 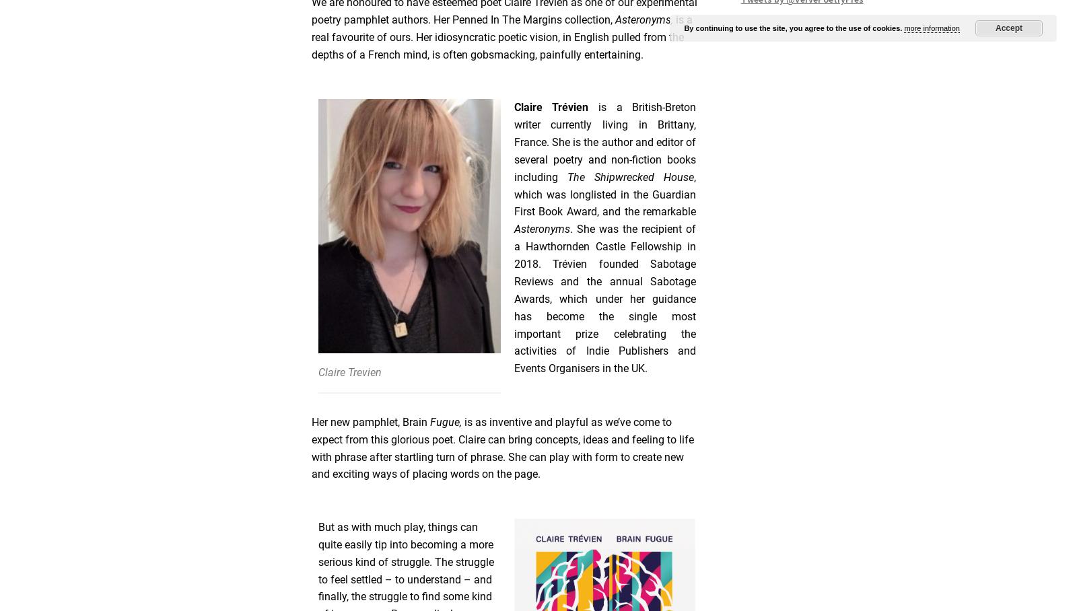 I want to click on 'Fugue,', so click(x=444, y=421).